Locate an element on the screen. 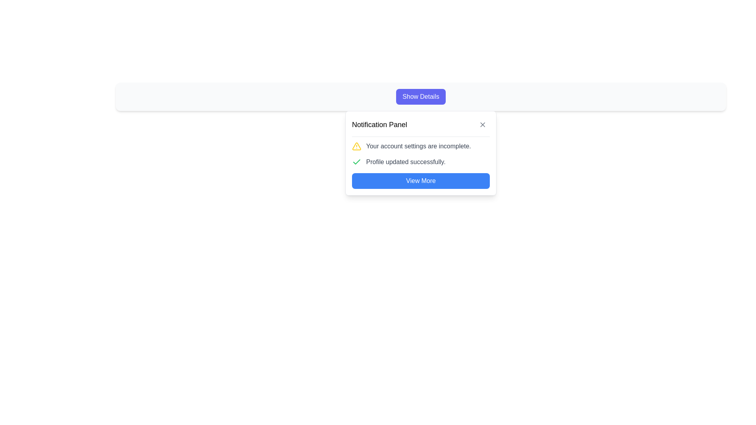  the 'Notification Panel' text label, which is styled prominently in bold at the top-left corner of the notification card's header is located at coordinates (380, 124).